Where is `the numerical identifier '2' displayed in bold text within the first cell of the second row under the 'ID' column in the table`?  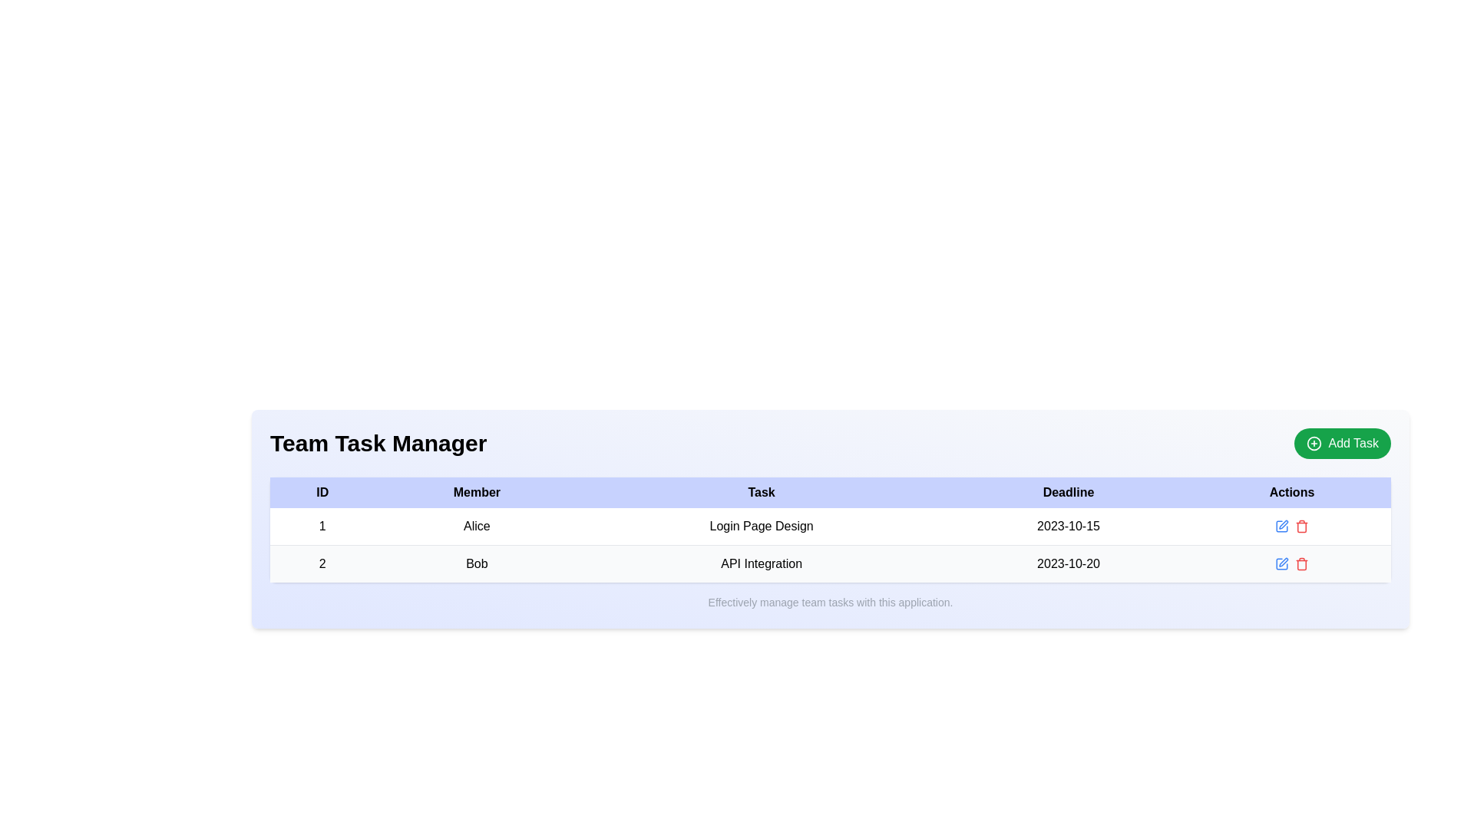 the numerical identifier '2' displayed in bold text within the first cell of the second row under the 'ID' column in the table is located at coordinates (322, 563).